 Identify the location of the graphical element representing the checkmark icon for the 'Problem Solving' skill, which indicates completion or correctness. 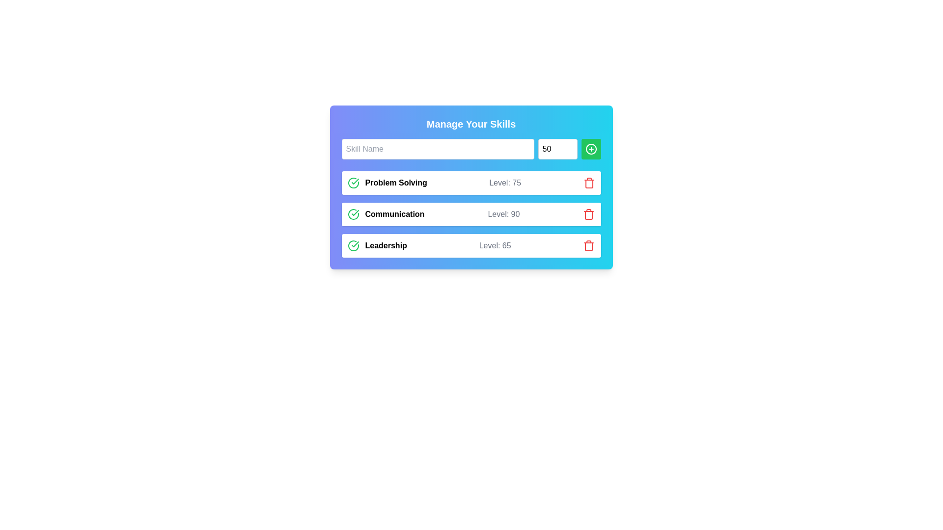
(353, 183).